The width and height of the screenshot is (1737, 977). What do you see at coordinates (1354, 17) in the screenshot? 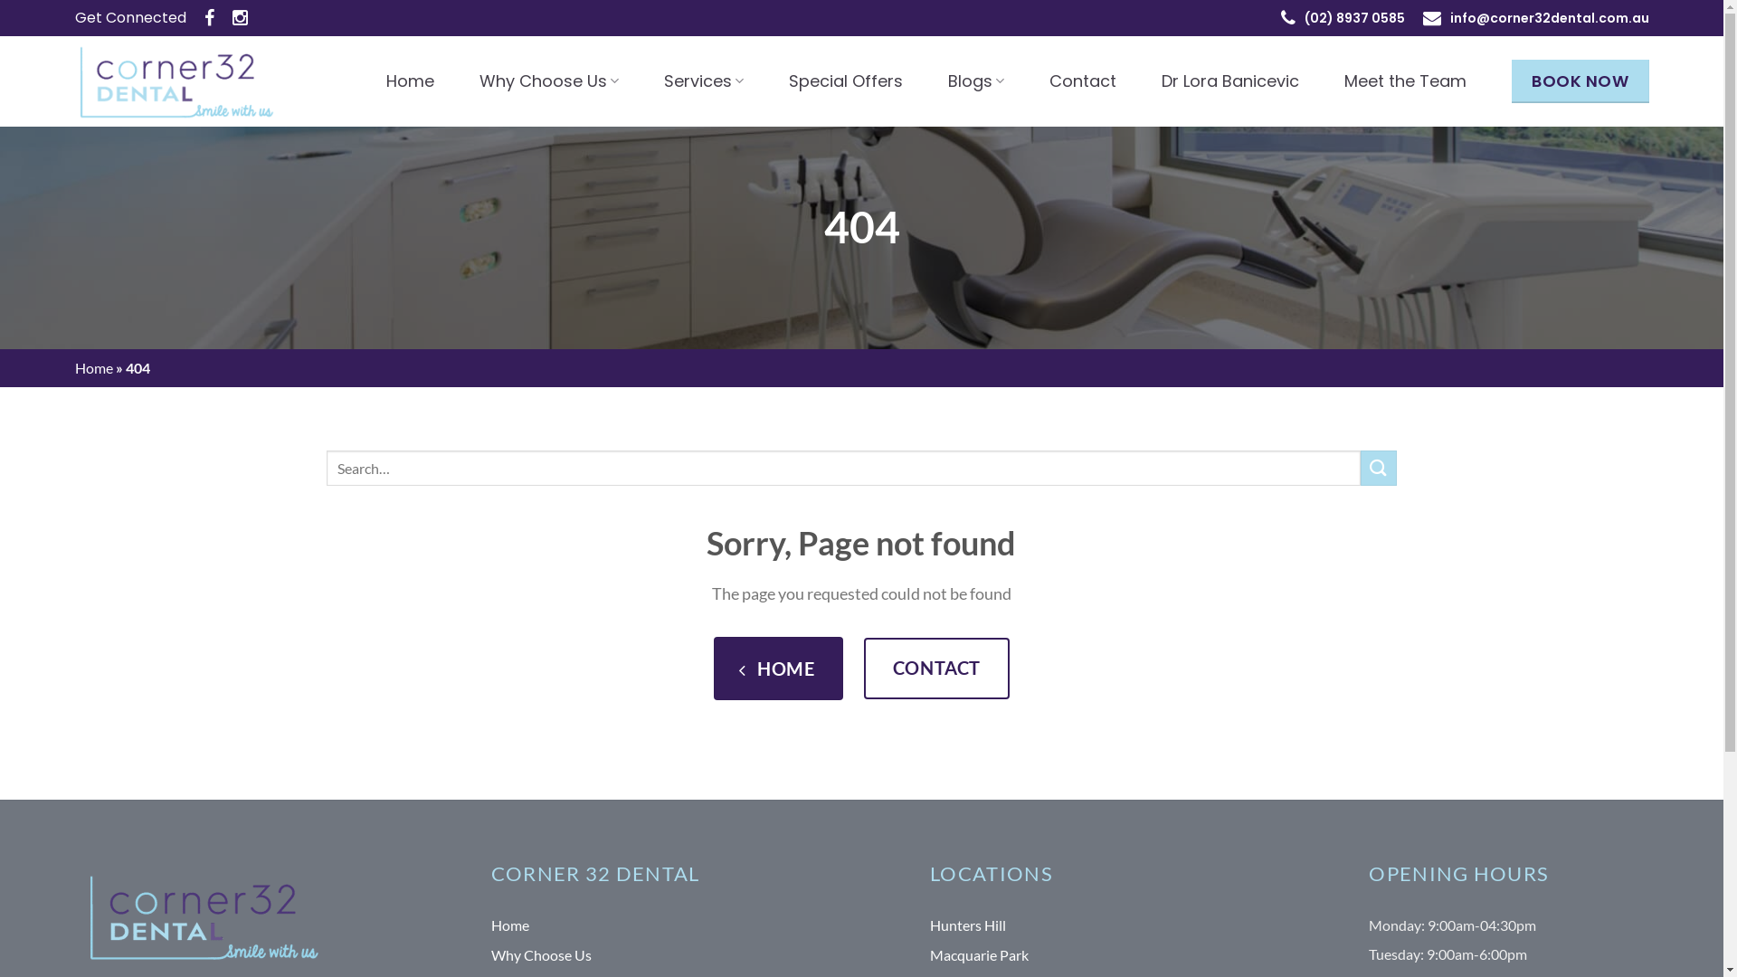
I see `'(02) 8937 0585'` at bounding box center [1354, 17].